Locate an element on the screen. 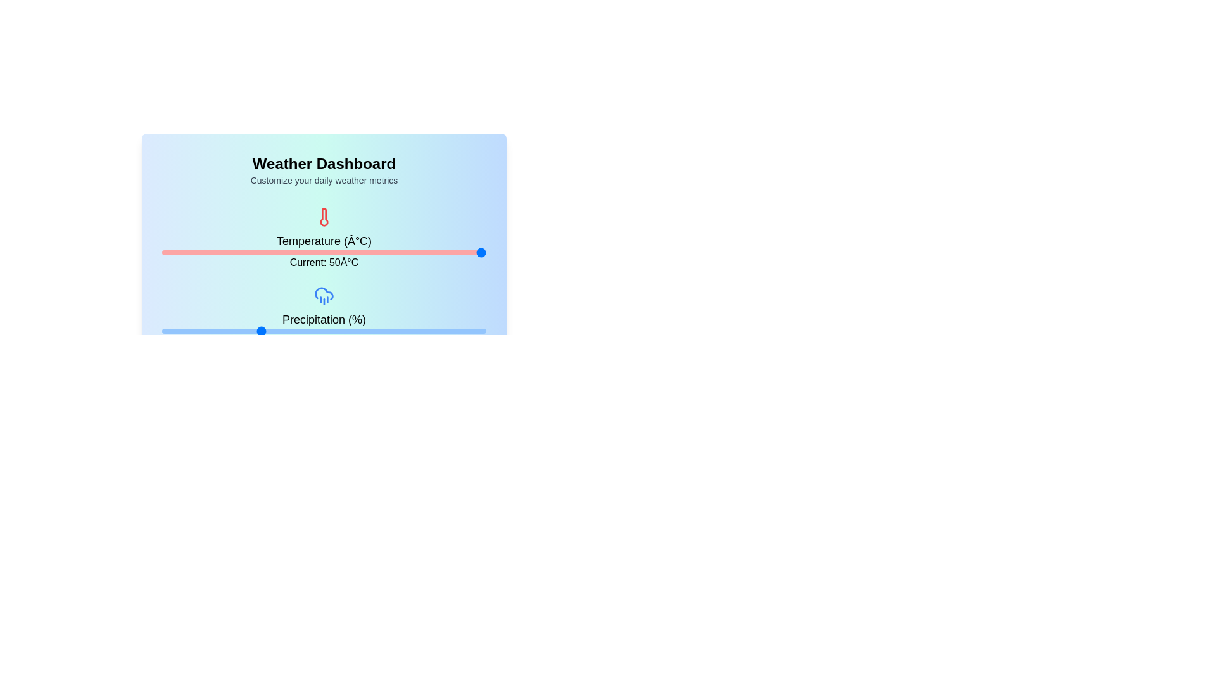 This screenshot has width=1216, height=684. the precipitation level is located at coordinates (194, 331).